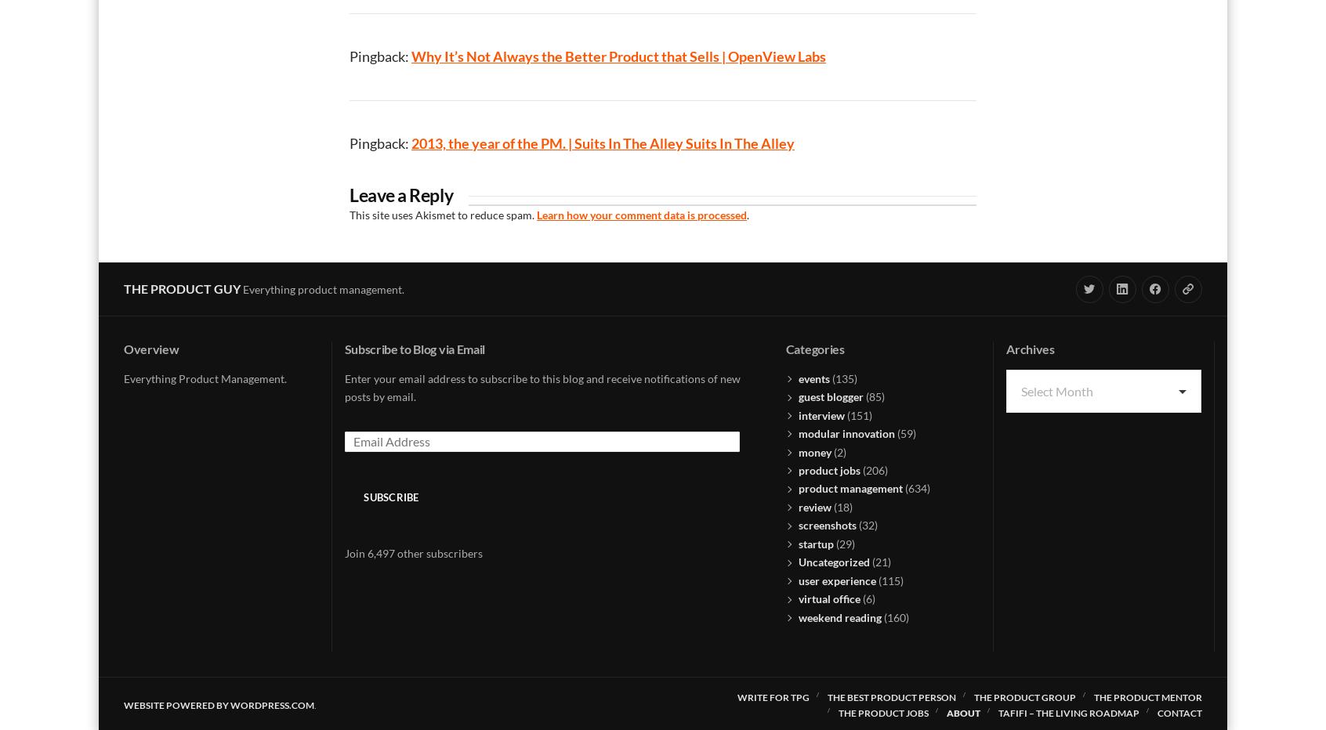 The image size is (1326, 730). Describe the element at coordinates (797, 451) in the screenshot. I see `'money'` at that location.